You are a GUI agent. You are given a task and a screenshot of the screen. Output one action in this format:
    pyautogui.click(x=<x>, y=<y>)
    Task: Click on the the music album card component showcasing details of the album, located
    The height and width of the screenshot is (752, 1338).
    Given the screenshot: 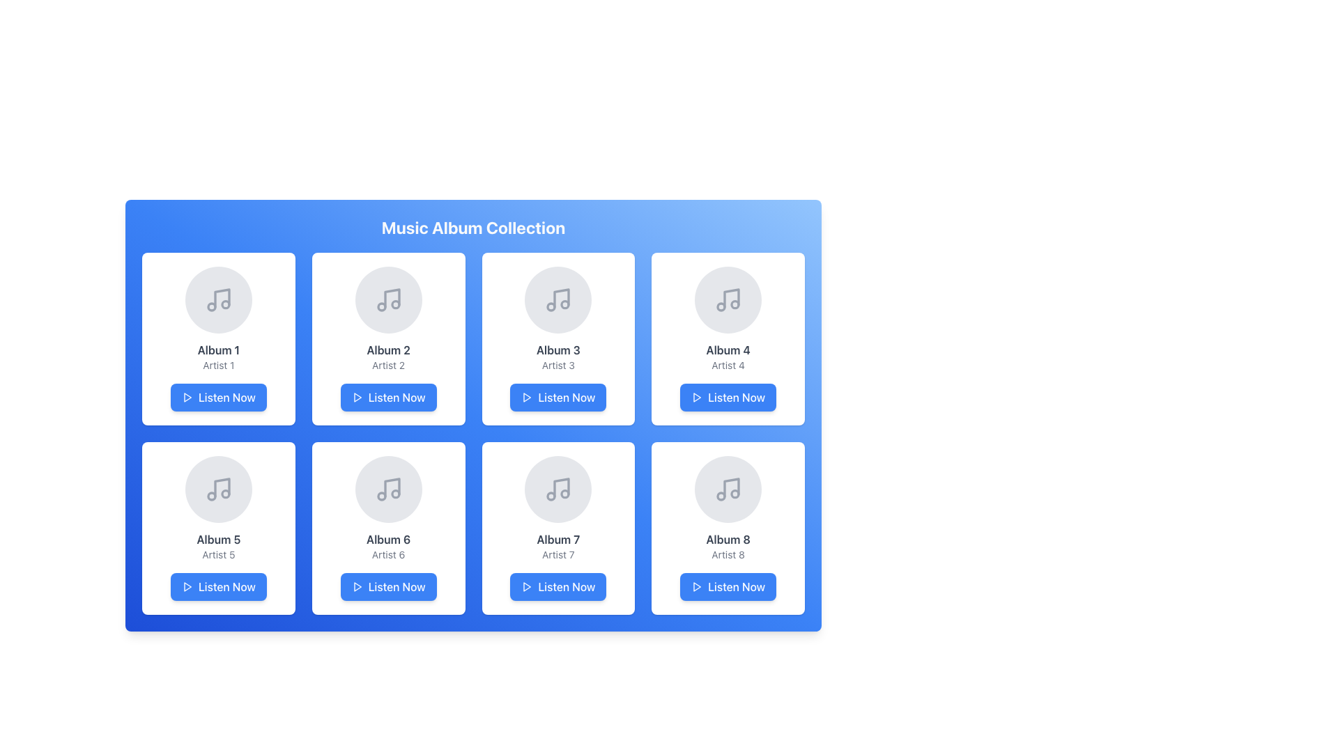 What is the action you would take?
    pyautogui.click(x=558, y=338)
    